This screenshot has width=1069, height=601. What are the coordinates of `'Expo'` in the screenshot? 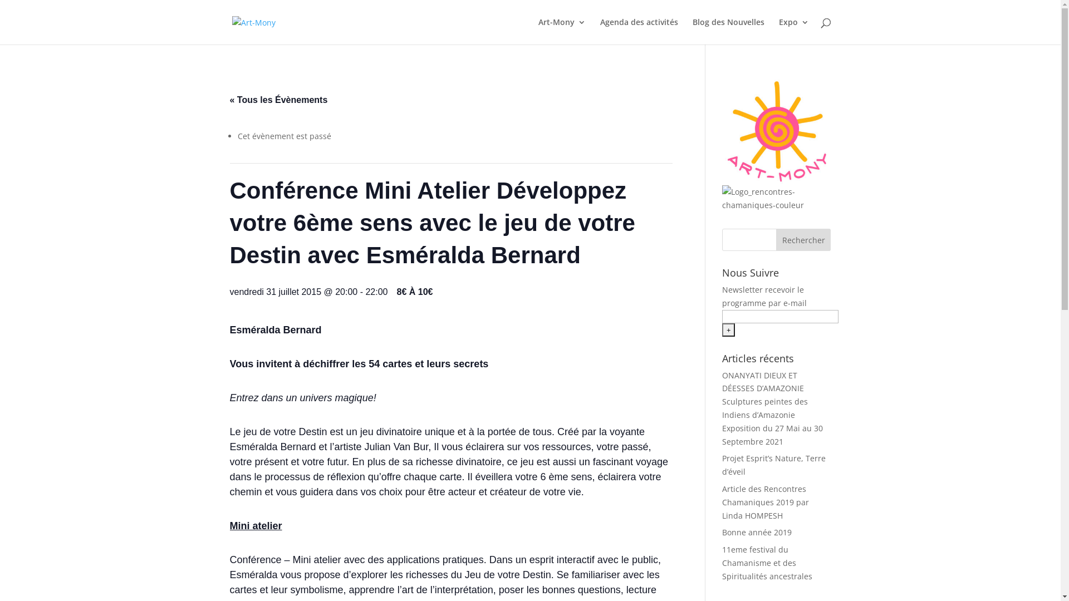 It's located at (777, 31).